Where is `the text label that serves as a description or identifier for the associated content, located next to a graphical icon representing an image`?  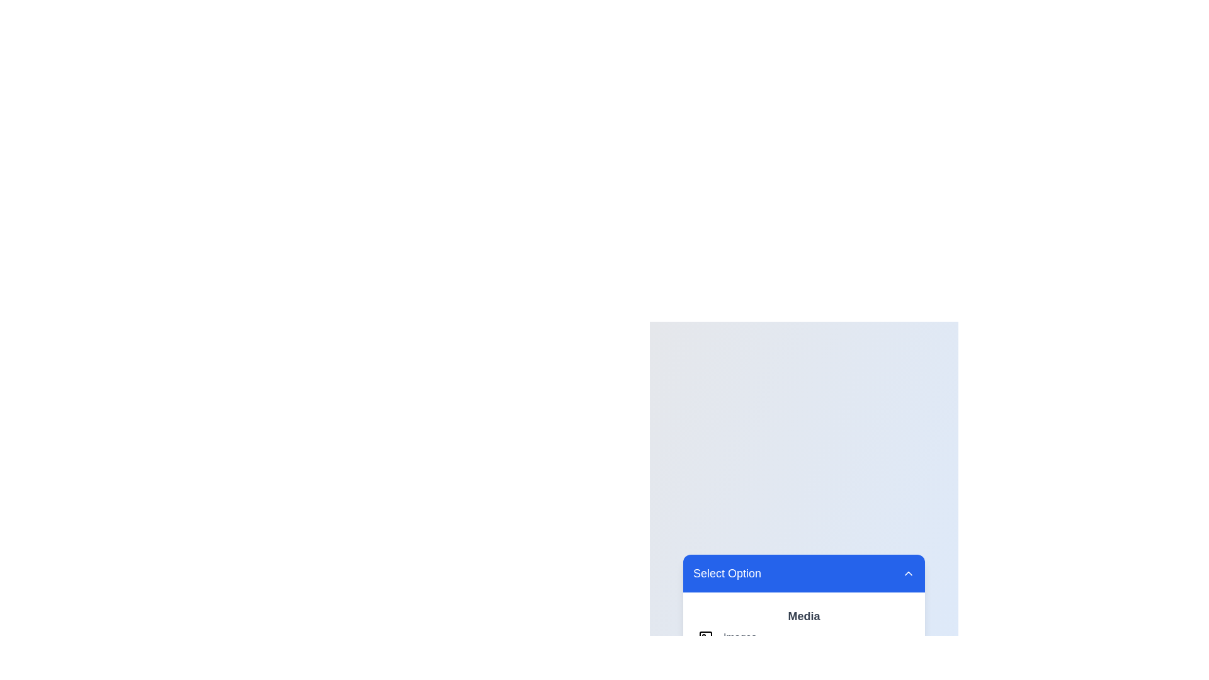 the text label that serves as a description or identifier for the associated content, located next to a graphical icon representing an image is located at coordinates (740, 637).